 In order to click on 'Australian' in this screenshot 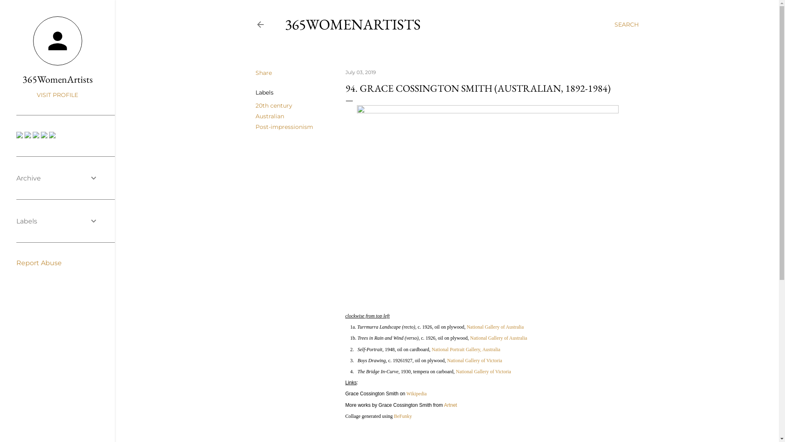, I will do `click(269, 116)`.